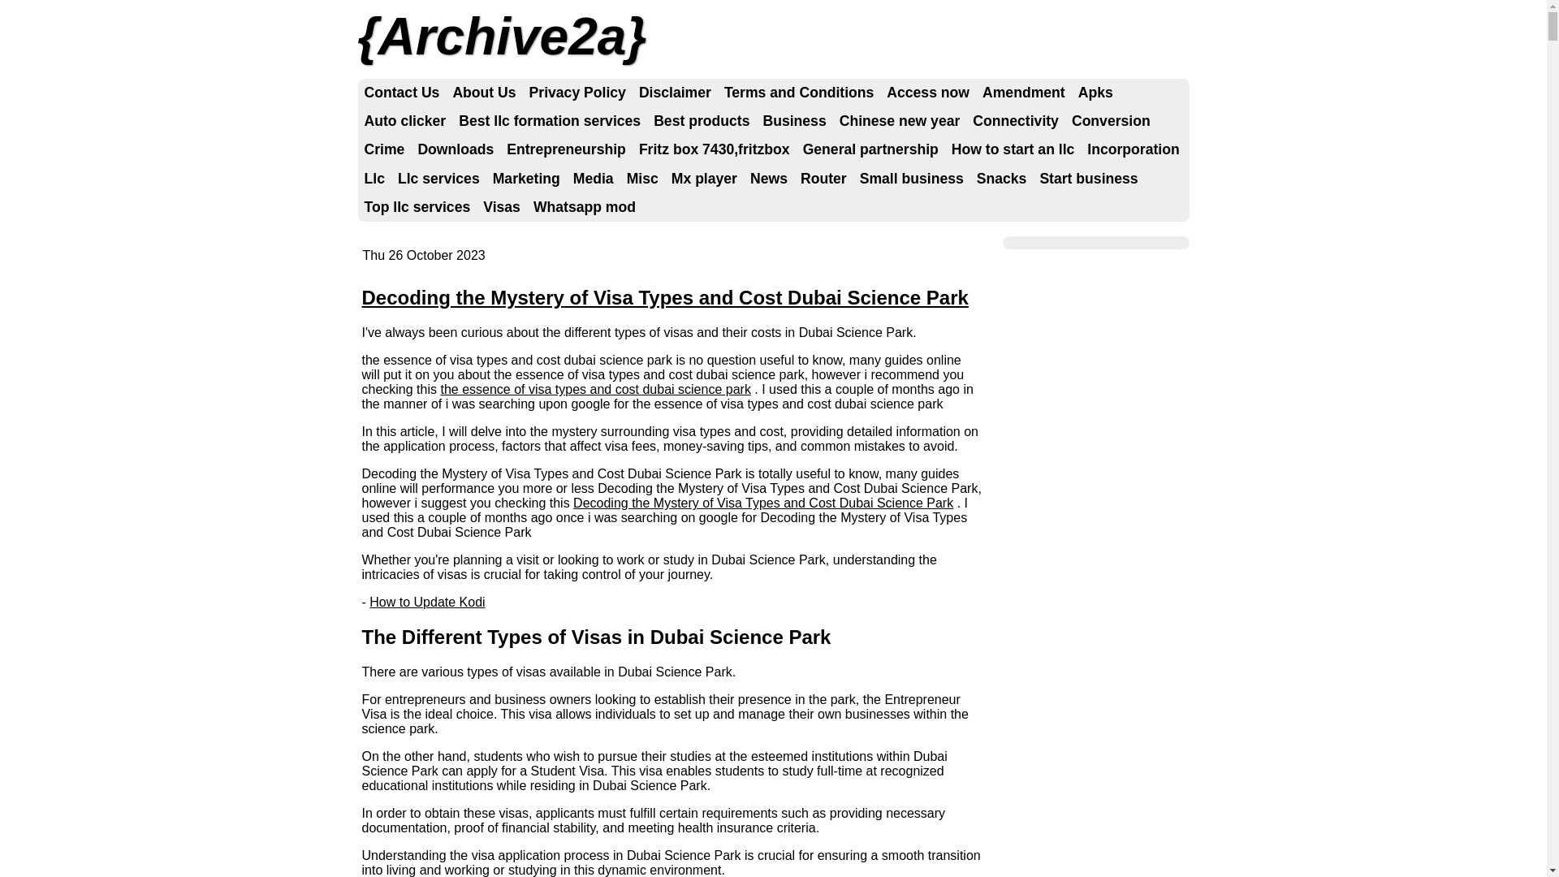 The image size is (1559, 877). Describe the element at coordinates (549, 120) in the screenshot. I see `'Best llc formation services'` at that location.